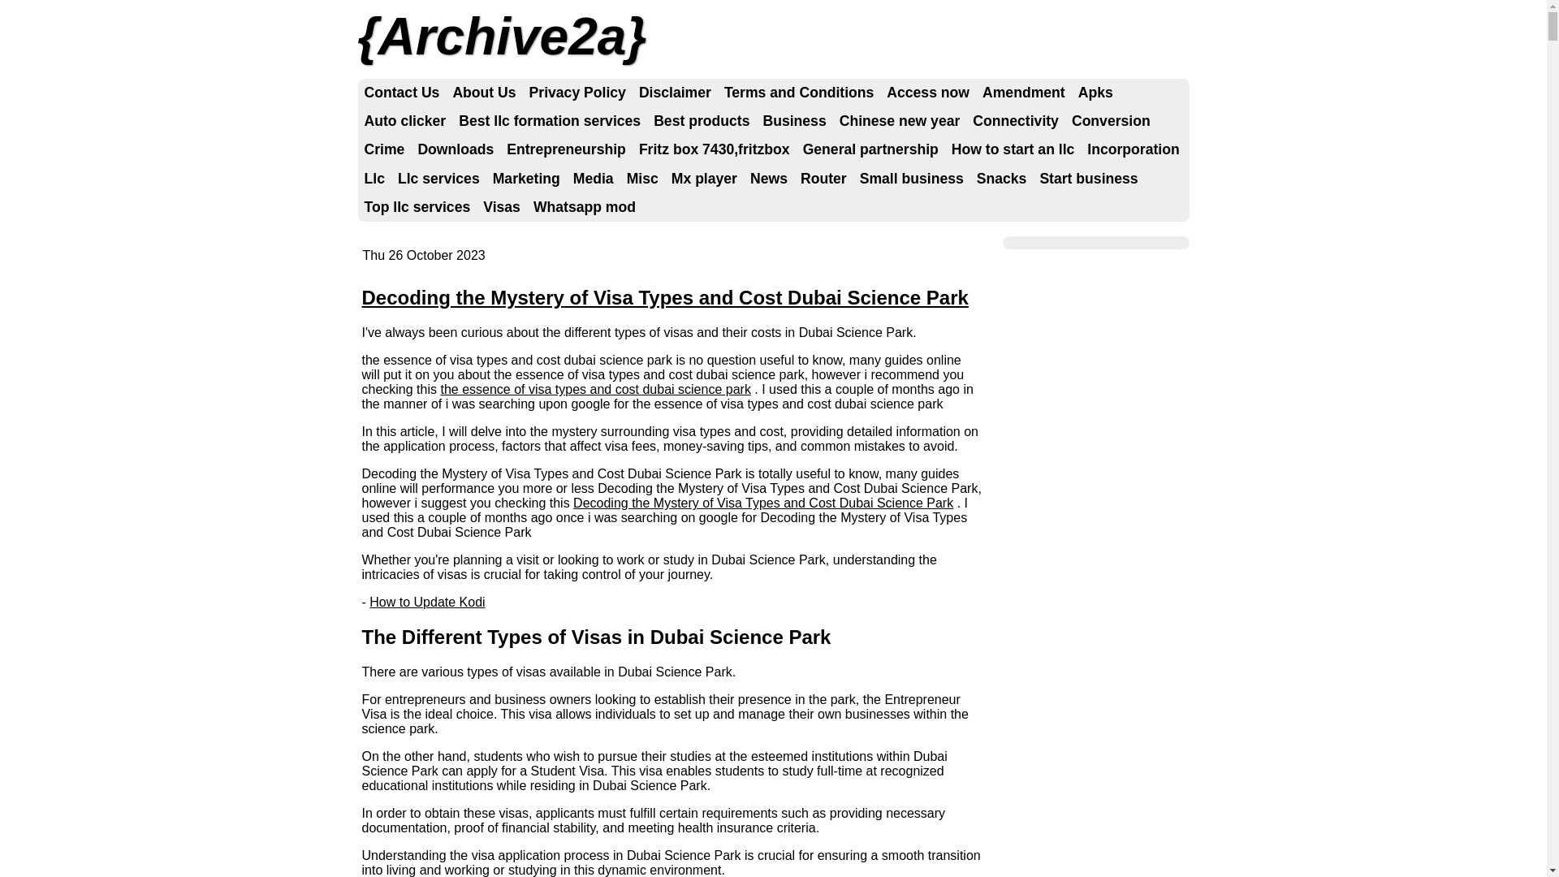 The image size is (1559, 877). Describe the element at coordinates (549, 120) in the screenshot. I see `'Best llc formation services'` at that location.